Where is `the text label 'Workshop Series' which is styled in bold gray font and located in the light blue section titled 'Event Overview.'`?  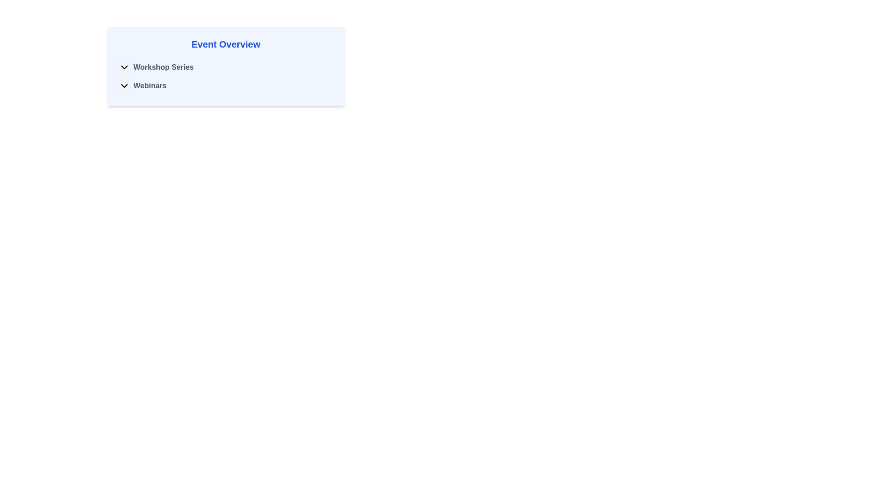
the text label 'Workshop Series' which is styled in bold gray font and located in the light blue section titled 'Event Overview.' is located at coordinates (163, 67).